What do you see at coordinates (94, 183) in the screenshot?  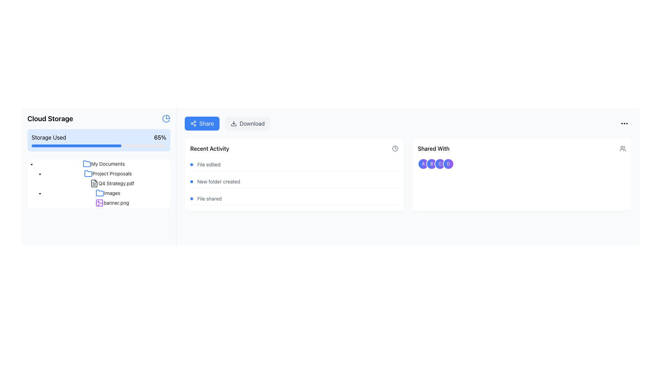 I see `the document icon representing the 'Q4 Strategy.pdf' file located in the 'Cloud Storage' section` at bounding box center [94, 183].